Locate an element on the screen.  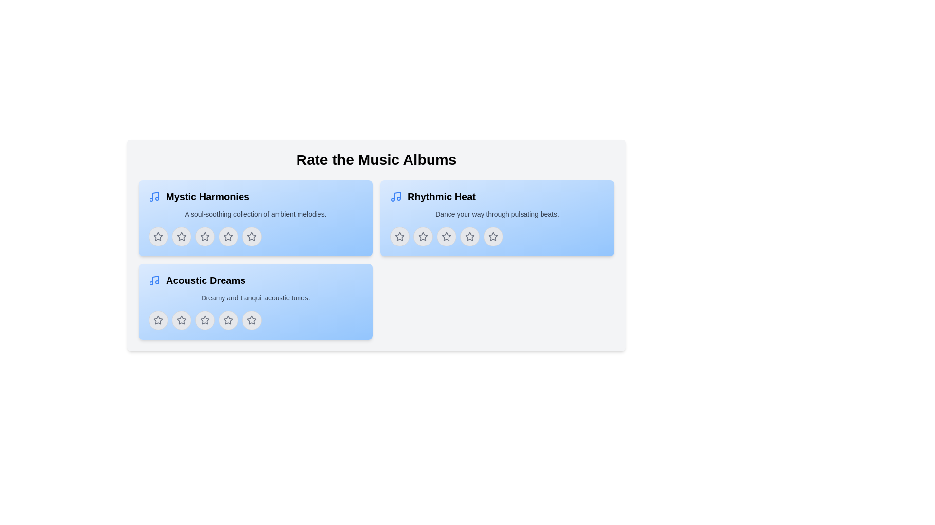
the text label that reads 'Acoustic Dreams', which is styled in bold and slightly larger font, located in the second row of the grid layout on the left card with a blue background is located at coordinates (205, 280).